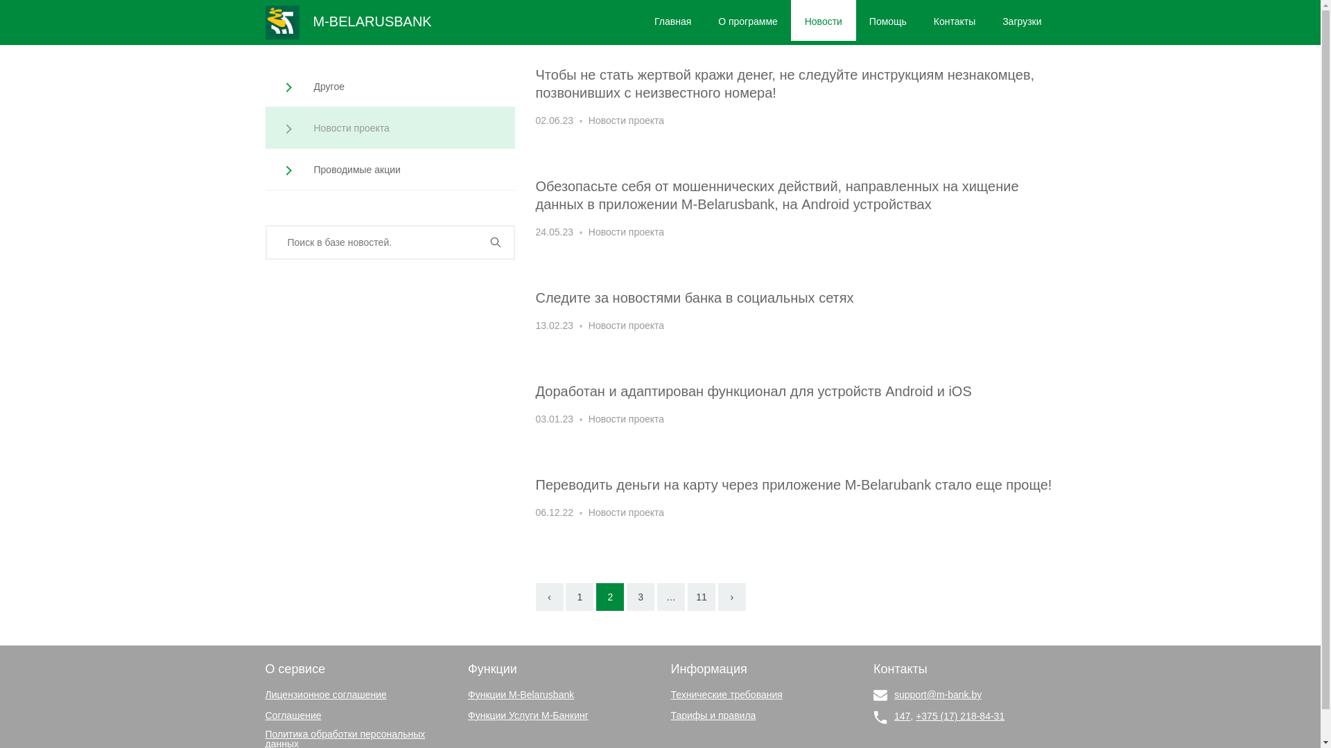 Image resolution: width=1331 pixels, height=748 pixels. I want to click on '1', so click(579, 596).